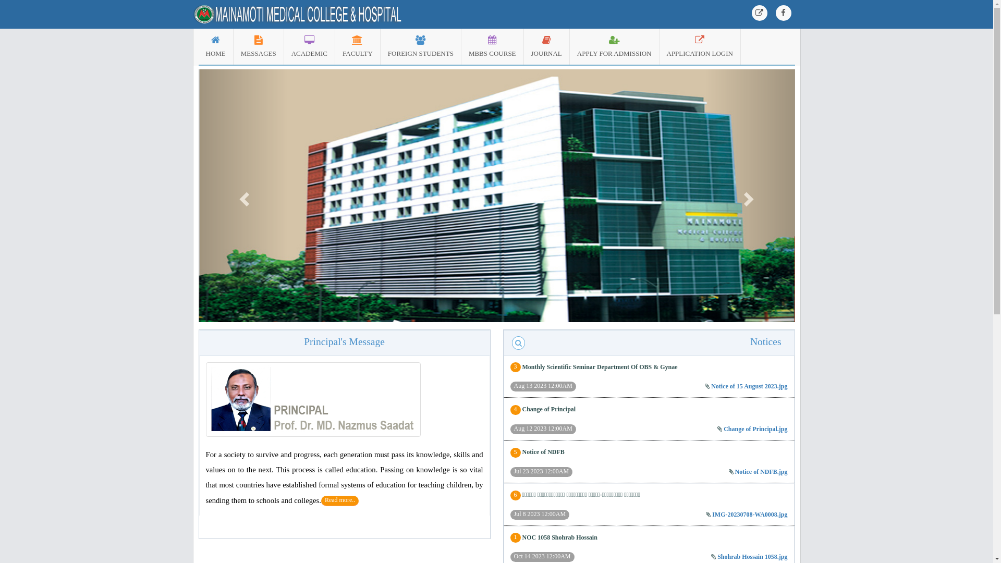 This screenshot has width=1001, height=563. What do you see at coordinates (460, 46) in the screenshot?
I see `'MBBS COURSE'` at bounding box center [460, 46].